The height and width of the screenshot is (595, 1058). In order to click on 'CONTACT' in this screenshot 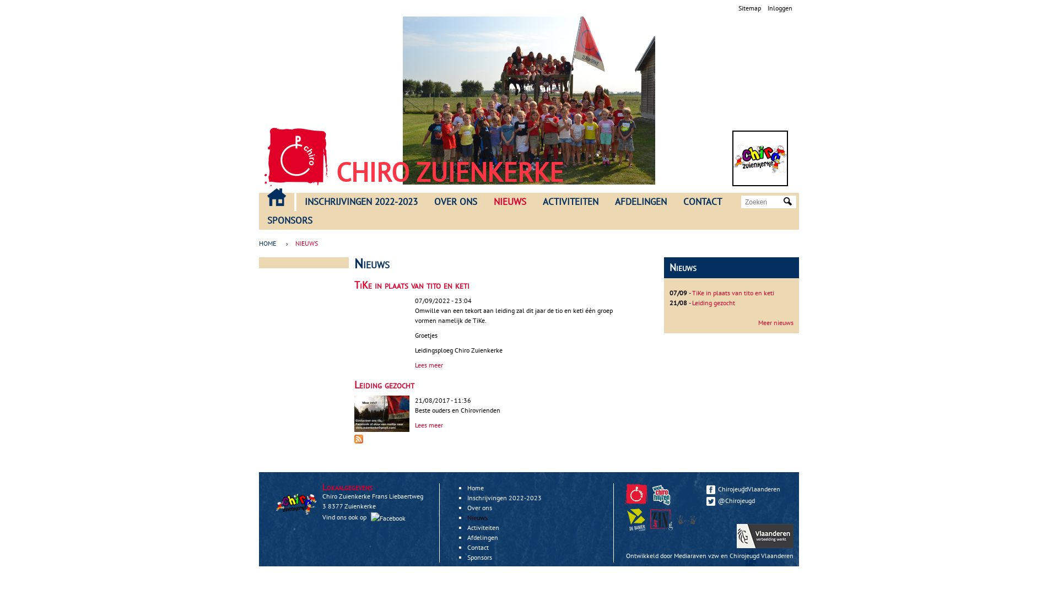, I will do `click(702, 202)`.